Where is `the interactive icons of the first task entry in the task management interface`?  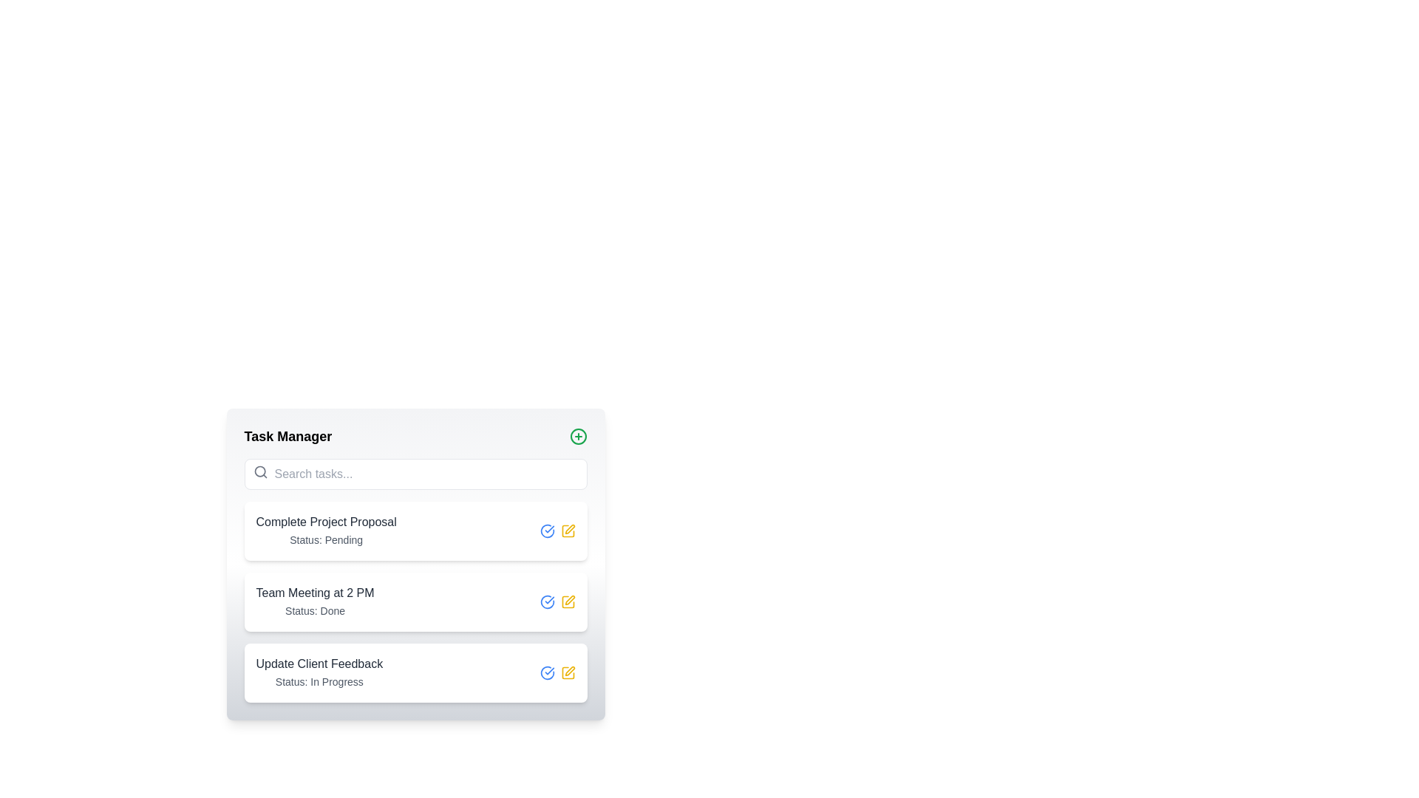 the interactive icons of the first task entry in the task management interface is located at coordinates (415, 530).